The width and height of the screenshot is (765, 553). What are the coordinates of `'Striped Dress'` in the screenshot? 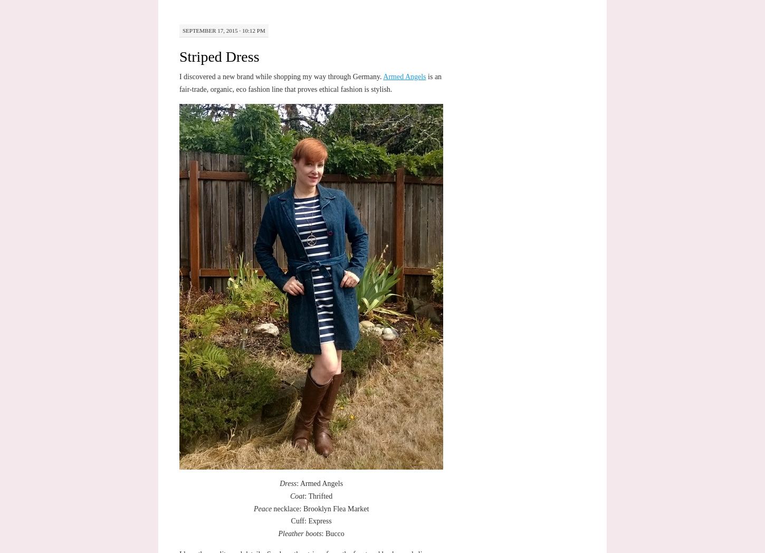 It's located at (218, 56).